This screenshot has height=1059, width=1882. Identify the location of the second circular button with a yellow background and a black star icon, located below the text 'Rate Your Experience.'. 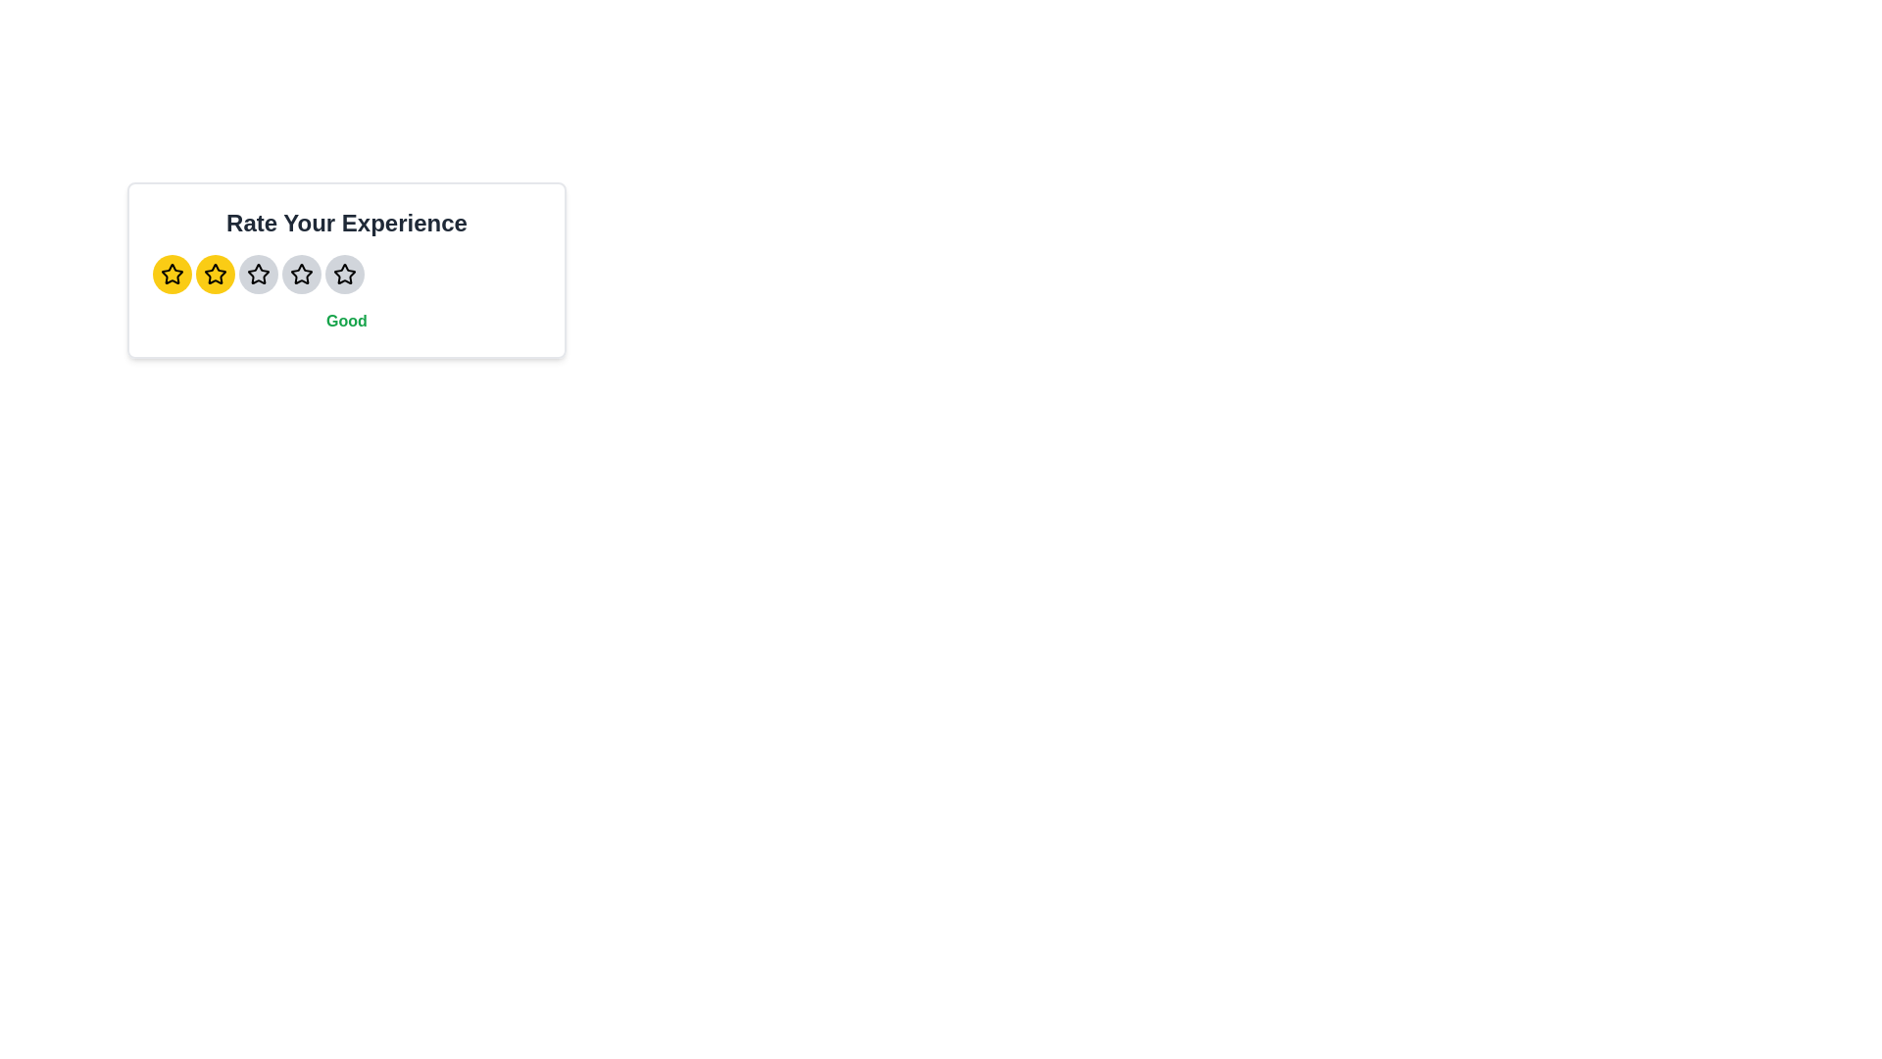
(216, 275).